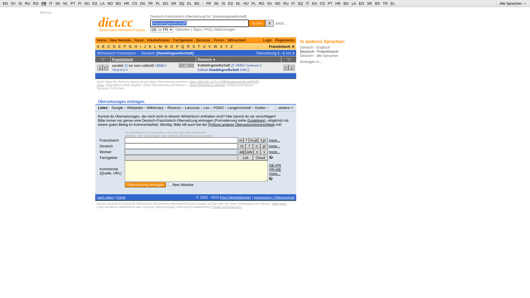  I want to click on 'Kollektivgesellschaft', so click(213, 65).